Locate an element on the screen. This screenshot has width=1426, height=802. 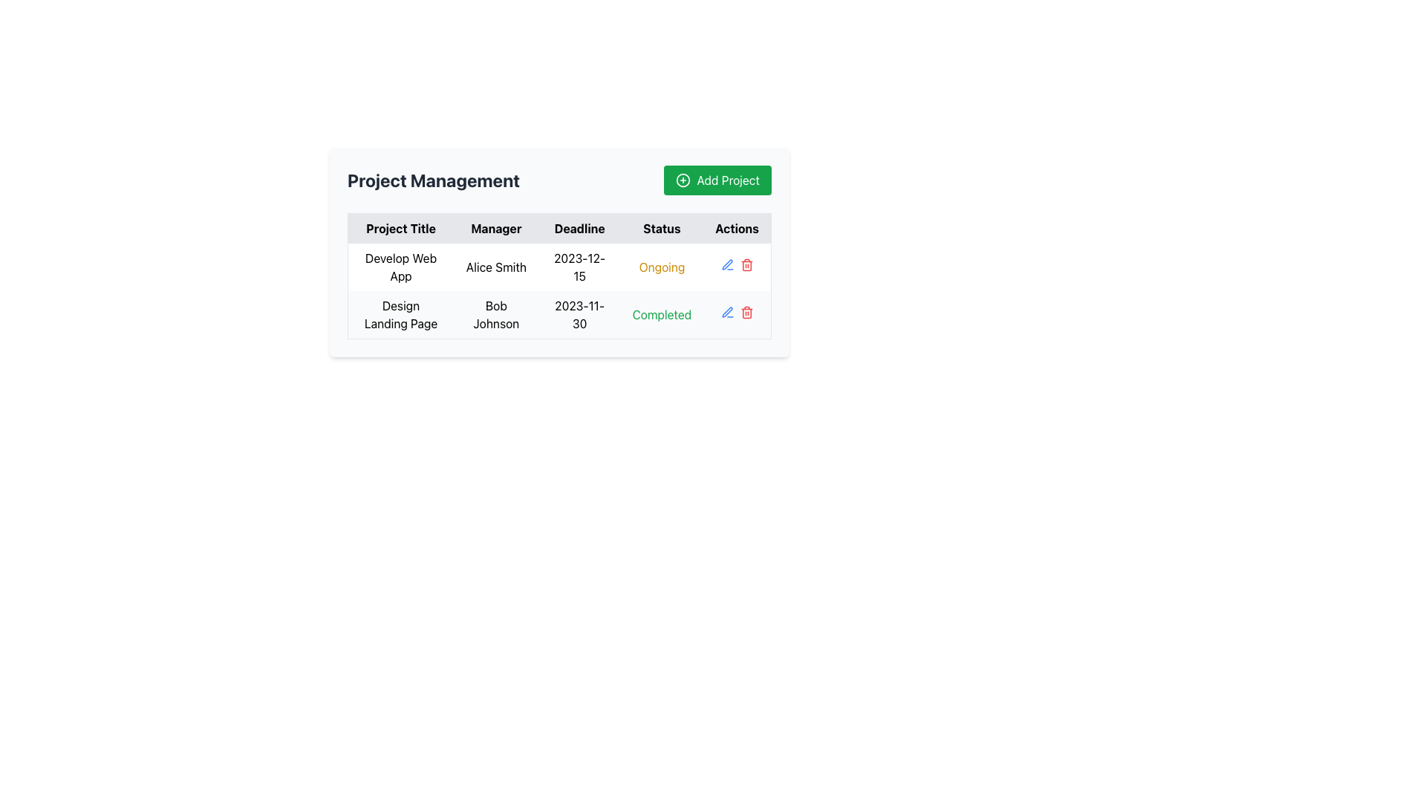
the 'Status' text label, which is the fourth header in the table, located between 'Deadline' and 'Actions' is located at coordinates (661, 228).